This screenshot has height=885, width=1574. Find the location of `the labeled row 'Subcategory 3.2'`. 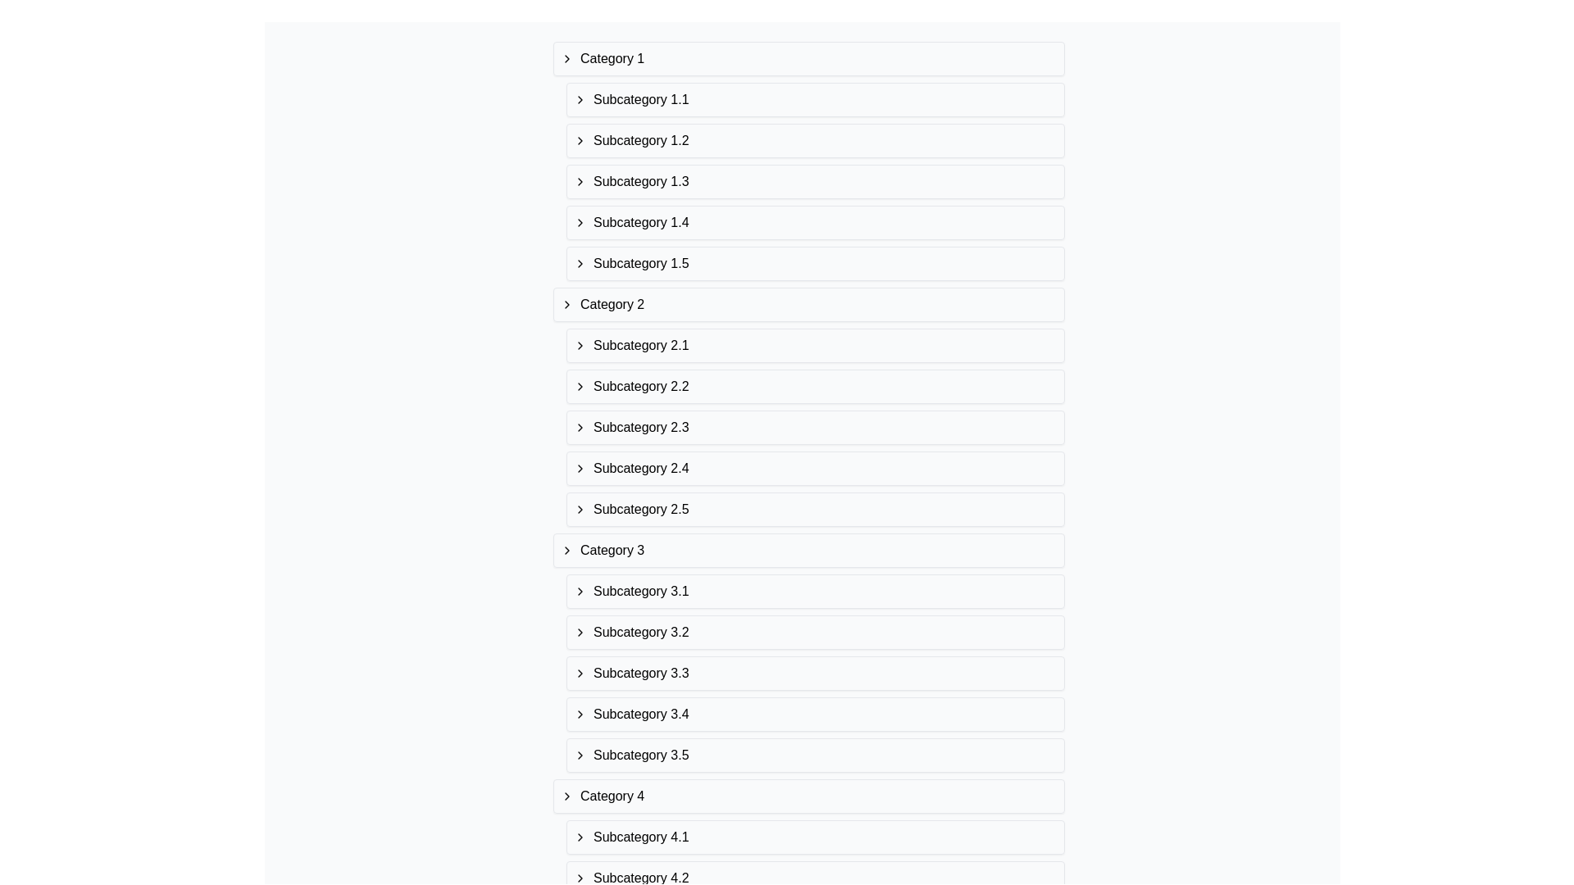

the labeled row 'Subcategory 3.2' is located at coordinates (809, 652).